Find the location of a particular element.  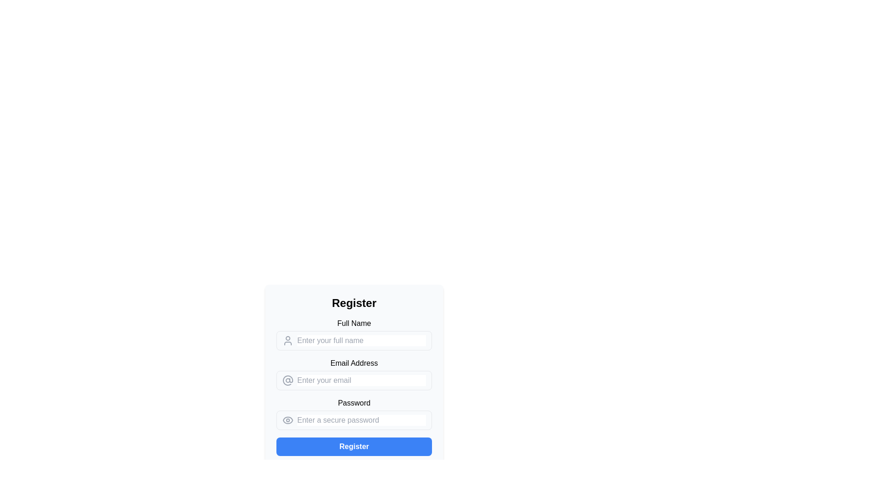

the Text Label that displays 'Email Address', which is positioned directly above the email input field is located at coordinates (353, 363).